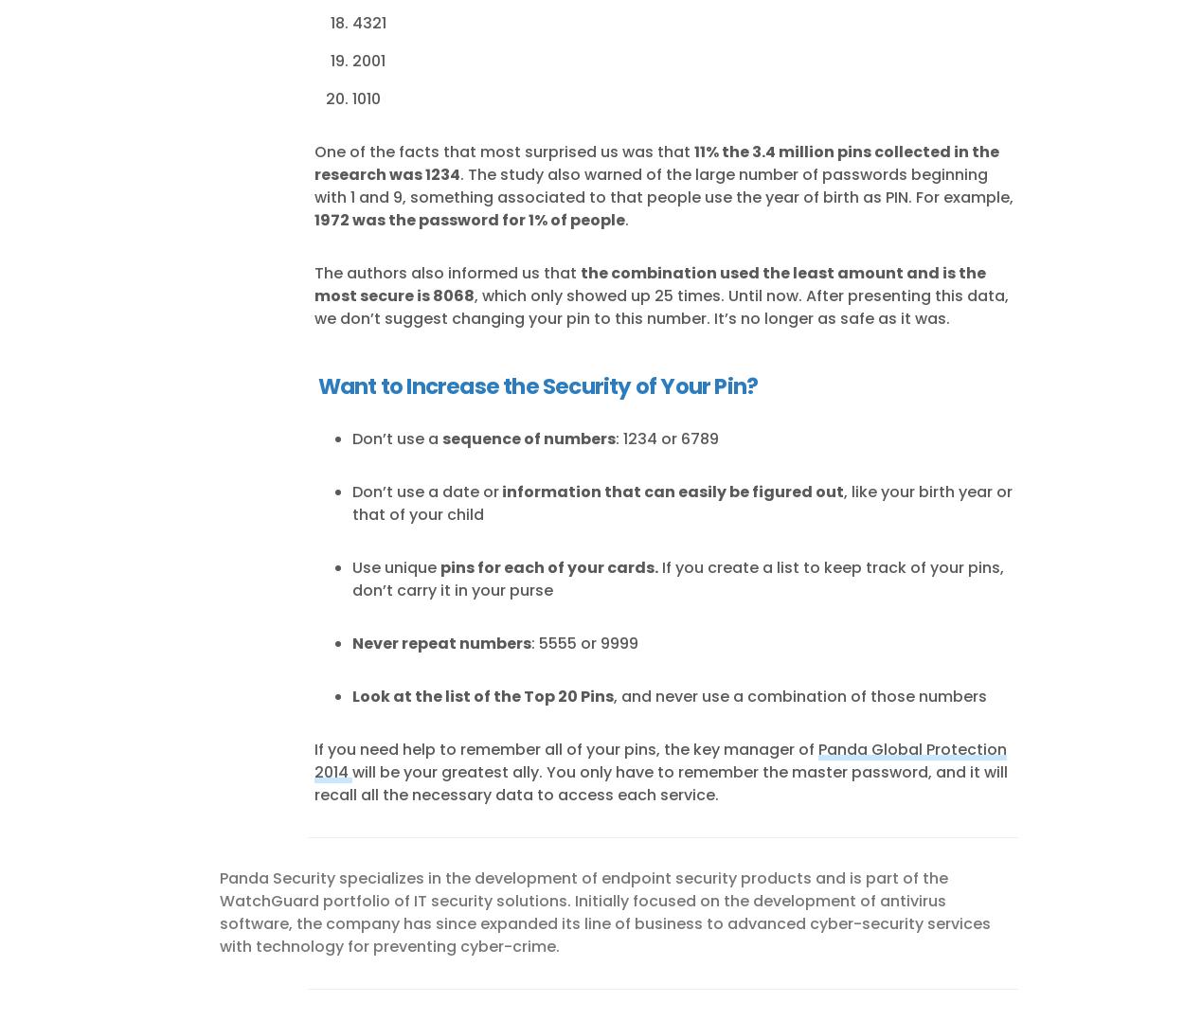 The width and height of the screenshot is (1184, 1020). Describe the element at coordinates (396, 438) in the screenshot. I see `'Don’t use a'` at that location.